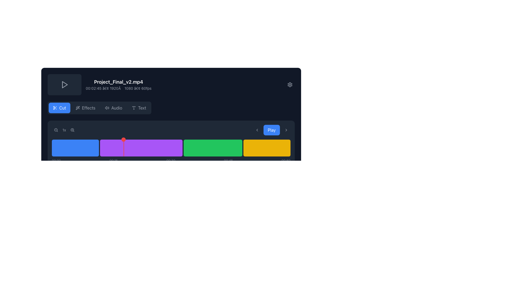 The height and width of the screenshot is (285, 508). What do you see at coordinates (62, 107) in the screenshot?
I see `the 'Cut' button located` at bounding box center [62, 107].